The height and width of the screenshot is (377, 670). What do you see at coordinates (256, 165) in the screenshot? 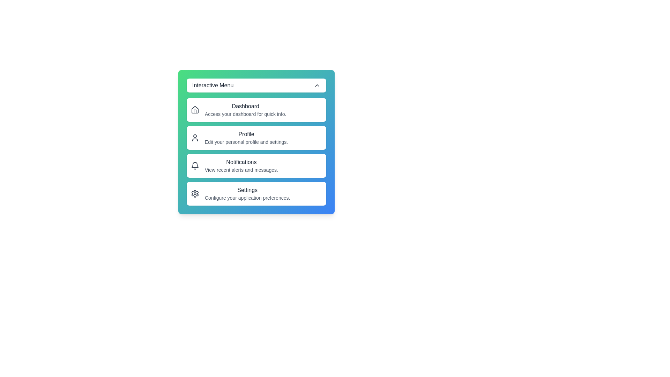
I see `the menu item Notifications to highlight it` at bounding box center [256, 165].